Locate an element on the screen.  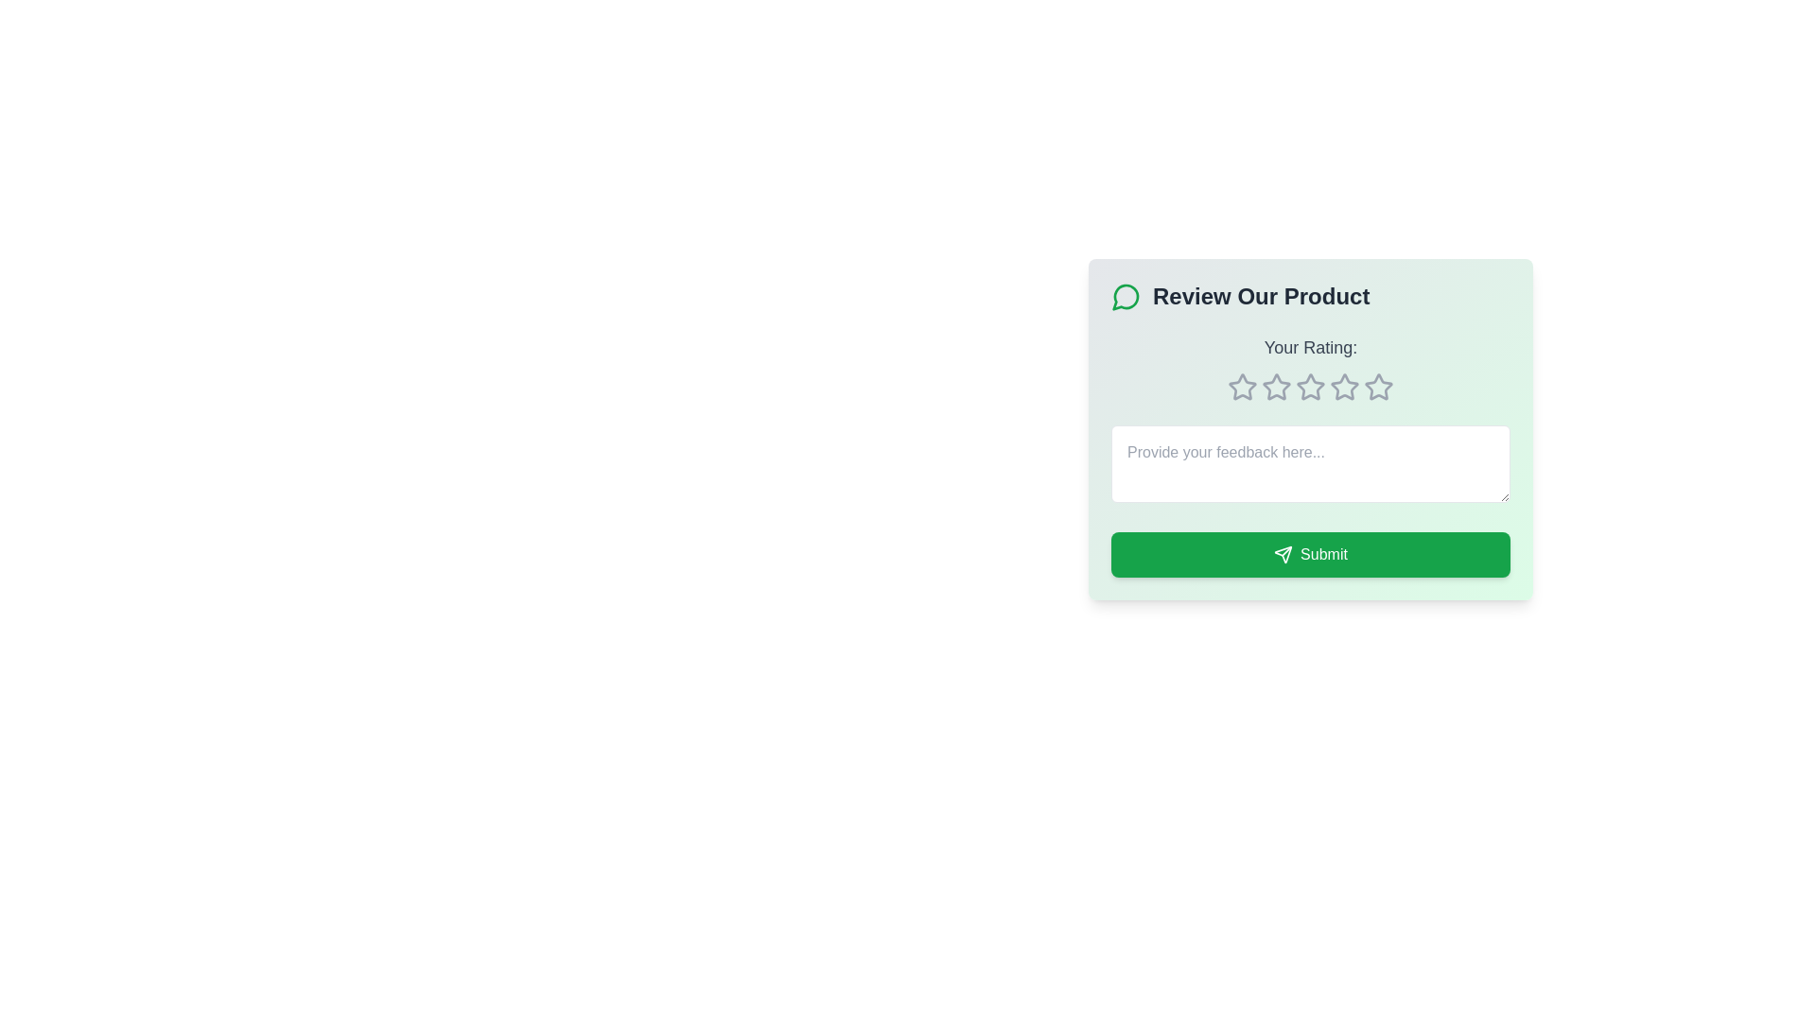
the green 'Submit' button containing the triangular paper plane icon is located at coordinates (1283, 553).